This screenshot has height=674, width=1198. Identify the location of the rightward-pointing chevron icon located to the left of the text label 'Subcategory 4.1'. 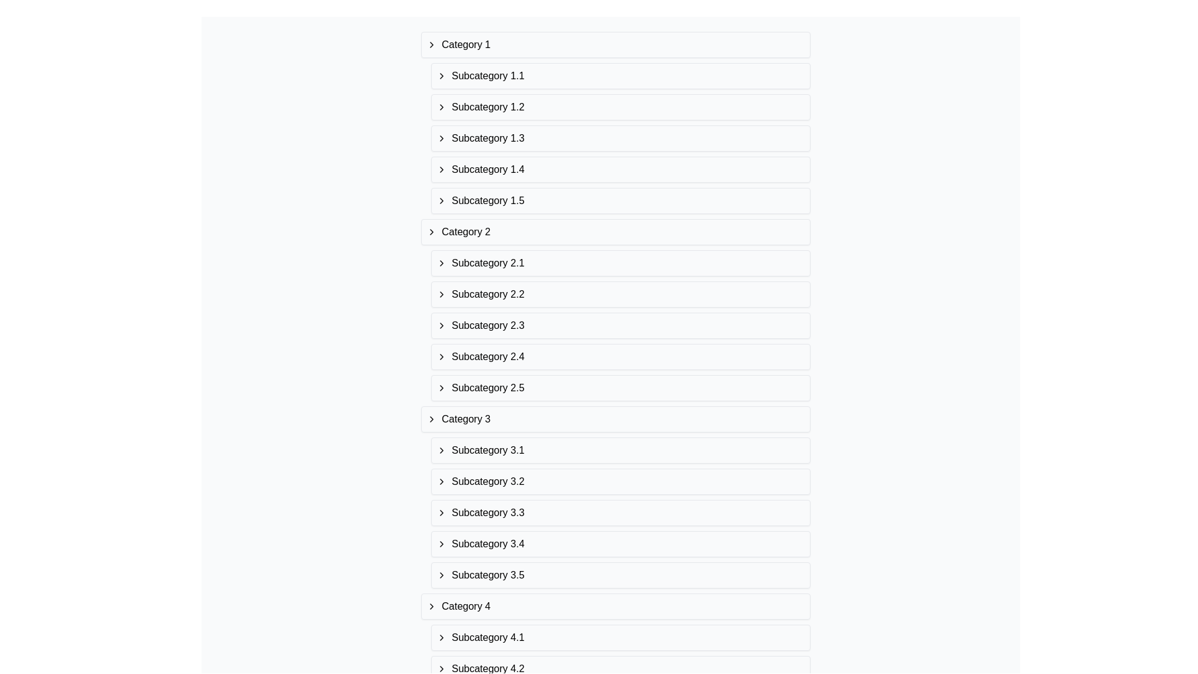
(442, 638).